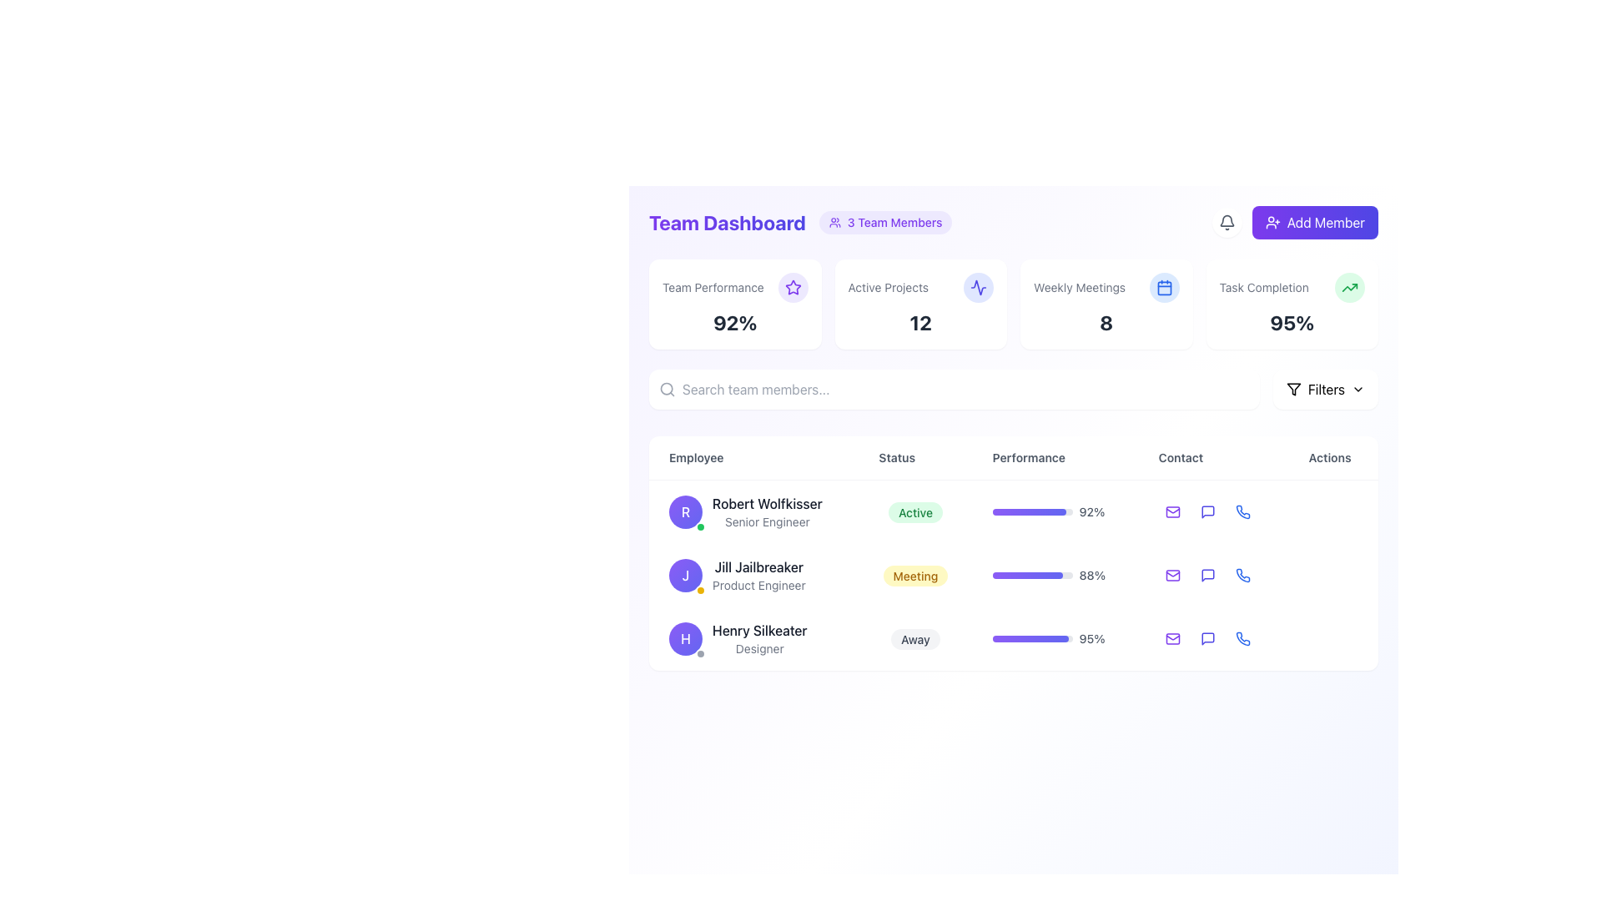 This screenshot has height=901, width=1602. I want to click on the bold and large-sized digit '8' displayed in dark gray against a white background, which is located in the center-bottom area of the 'Weekly Meetings' card, so click(1106, 322).